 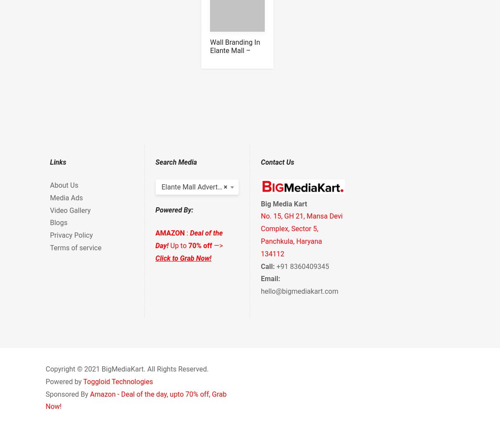 I want to click on 'Search Media', so click(x=176, y=162).